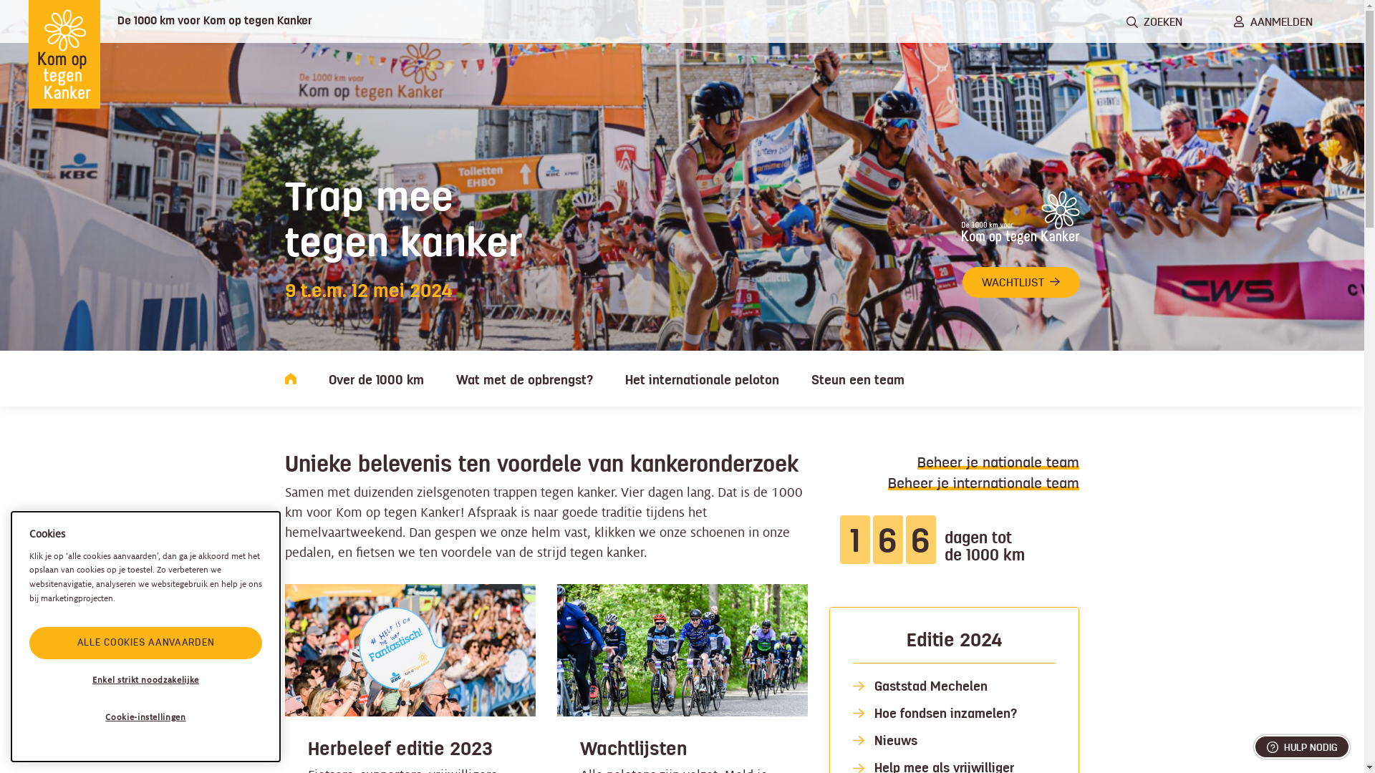 Image resolution: width=1375 pixels, height=773 pixels. Describe the element at coordinates (1154, 21) in the screenshot. I see `'ZOEKEN'` at that location.